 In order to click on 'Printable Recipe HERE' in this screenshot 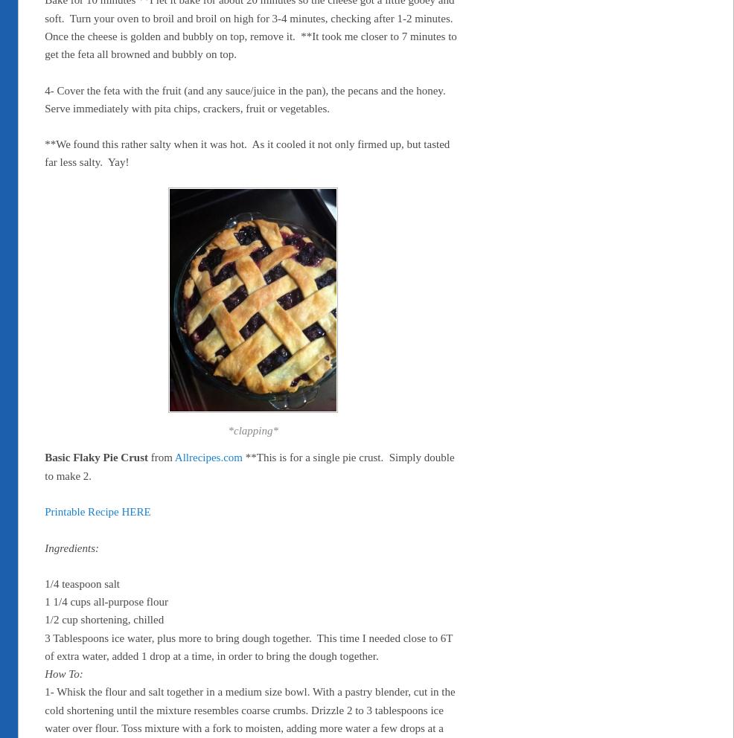, I will do `click(98, 510)`.